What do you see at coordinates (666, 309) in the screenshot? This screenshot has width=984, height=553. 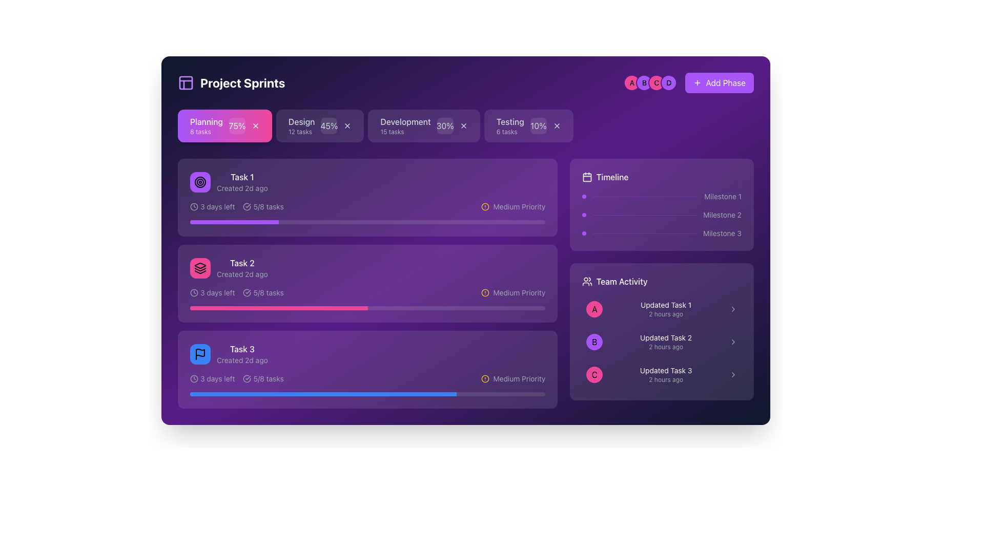 I see `displayed task title 'Updated Task 1' and timestamp '2 hours ago' from the composite text display element located in the central section of the 'Team Activity' module` at bounding box center [666, 309].